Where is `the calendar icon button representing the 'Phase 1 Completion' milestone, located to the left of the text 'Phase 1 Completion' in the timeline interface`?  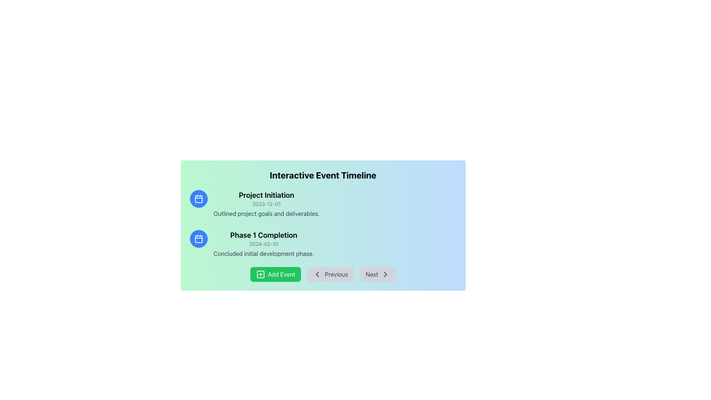 the calendar icon button representing the 'Phase 1 Completion' milestone, located to the left of the text 'Phase 1 Completion' in the timeline interface is located at coordinates (198, 239).